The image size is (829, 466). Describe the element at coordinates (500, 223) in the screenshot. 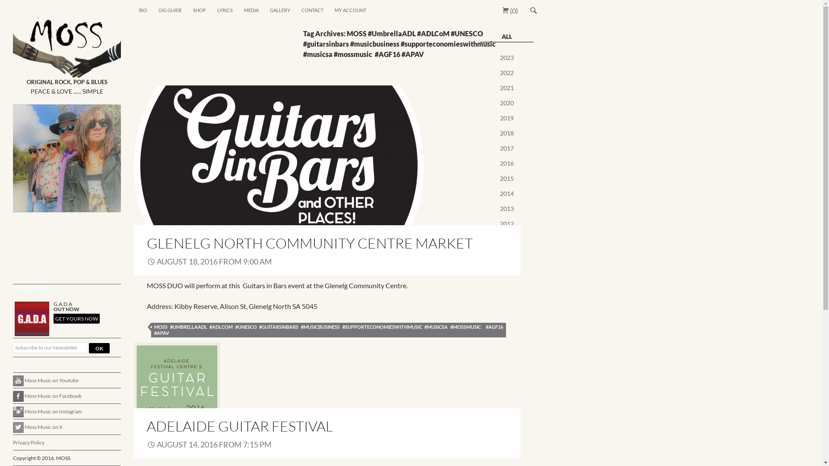

I see `'2012'` at that location.